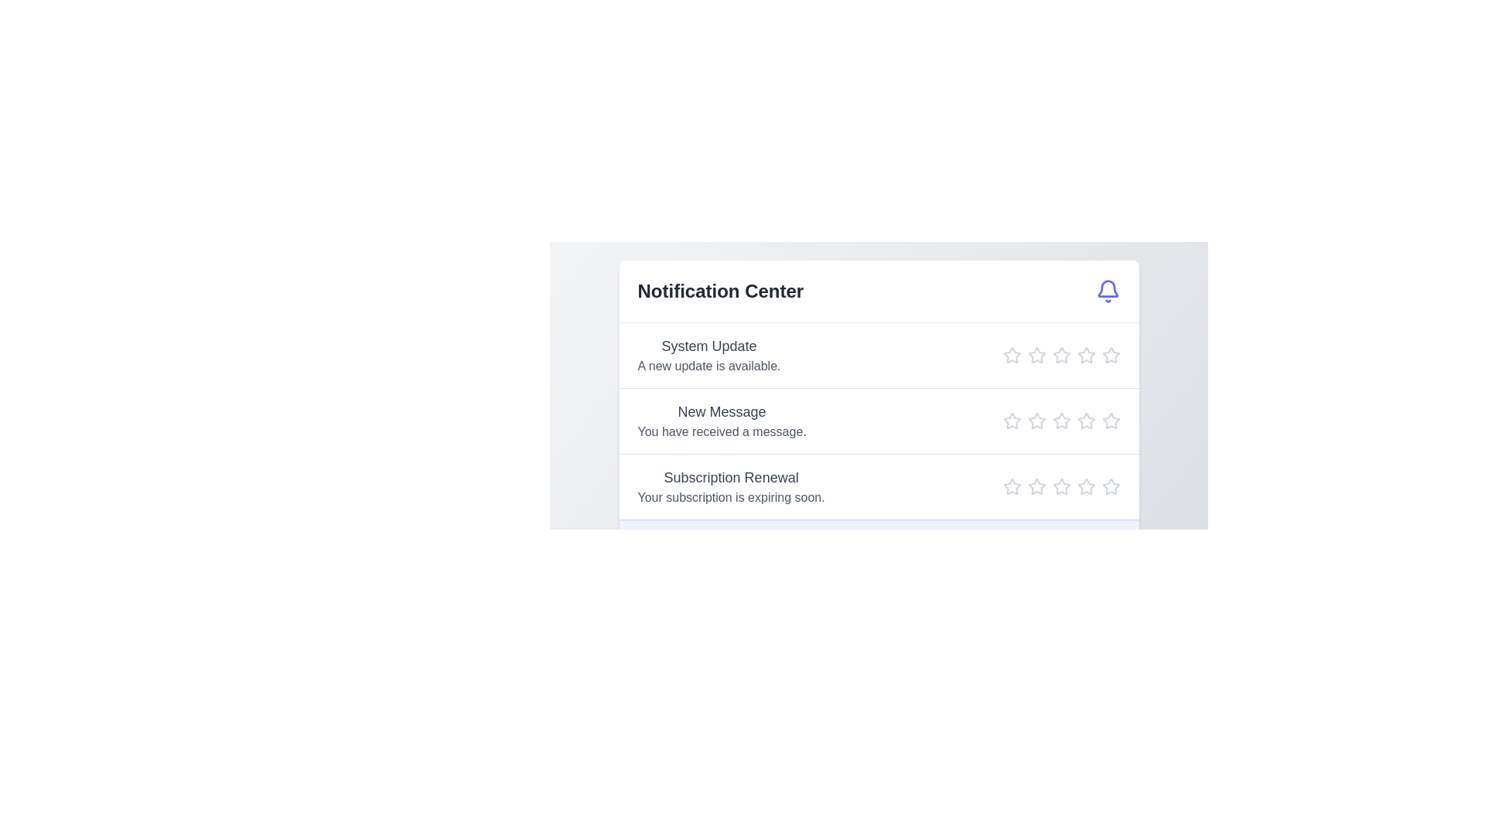 This screenshot has width=1485, height=835. What do you see at coordinates (1012, 355) in the screenshot?
I see `the star icon corresponding to 1 stars in the Notification Center` at bounding box center [1012, 355].